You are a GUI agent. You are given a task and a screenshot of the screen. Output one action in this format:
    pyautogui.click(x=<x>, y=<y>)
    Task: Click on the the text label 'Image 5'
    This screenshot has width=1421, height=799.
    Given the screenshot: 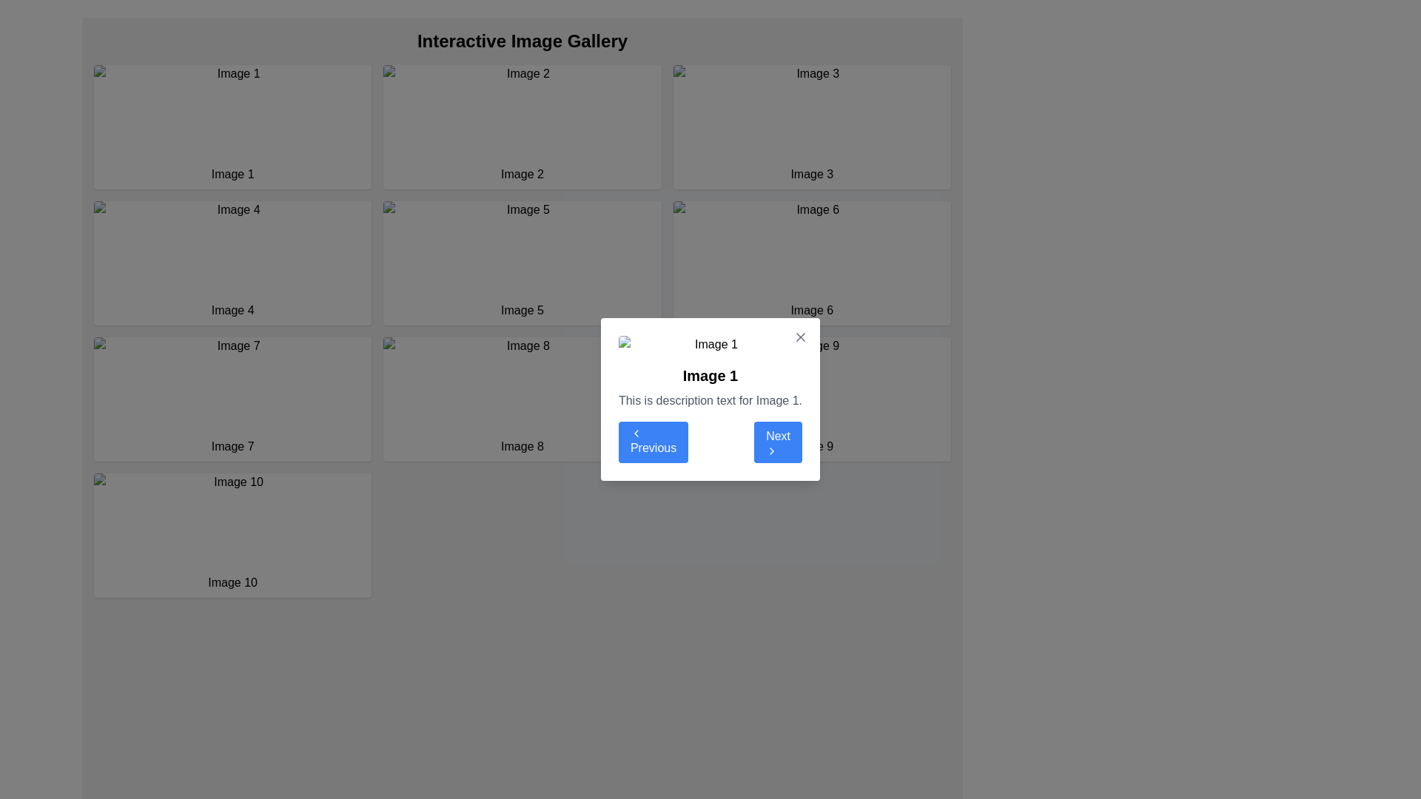 What is the action you would take?
    pyautogui.click(x=522, y=310)
    